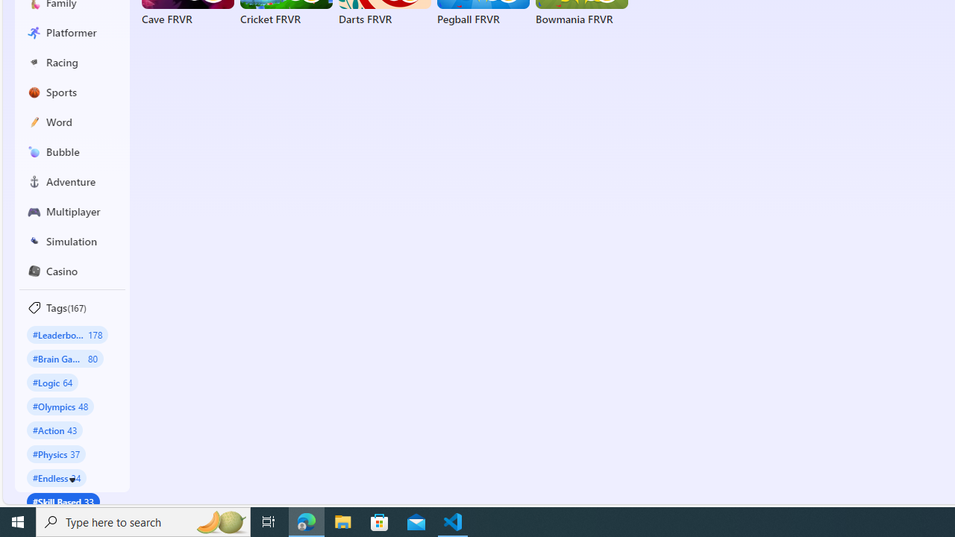 The image size is (955, 537). What do you see at coordinates (55, 430) in the screenshot?
I see `'#Action 43'` at bounding box center [55, 430].